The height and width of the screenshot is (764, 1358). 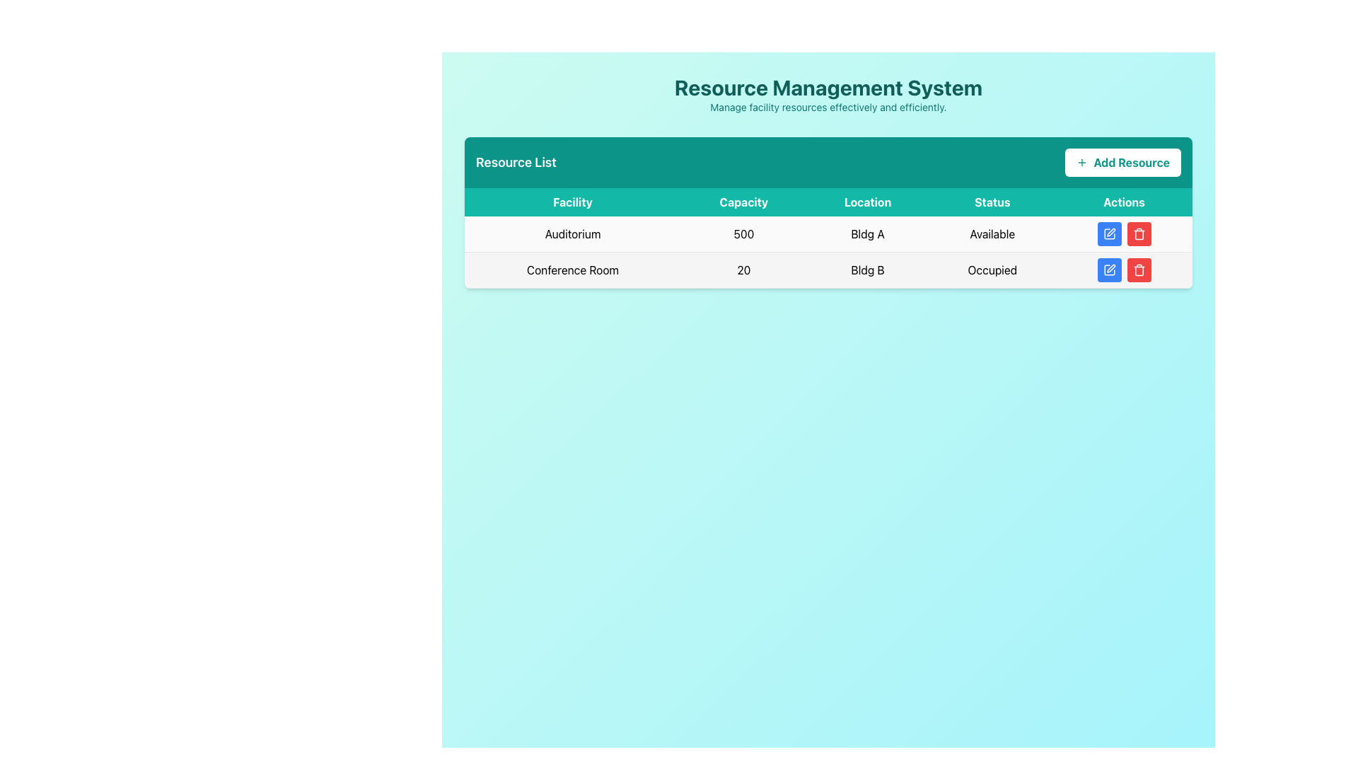 What do you see at coordinates (1122, 162) in the screenshot?
I see `the button located in the right corner of the teal-colored header bar labeled 'Resource List', which allows users to add a new resource to the list` at bounding box center [1122, 162].